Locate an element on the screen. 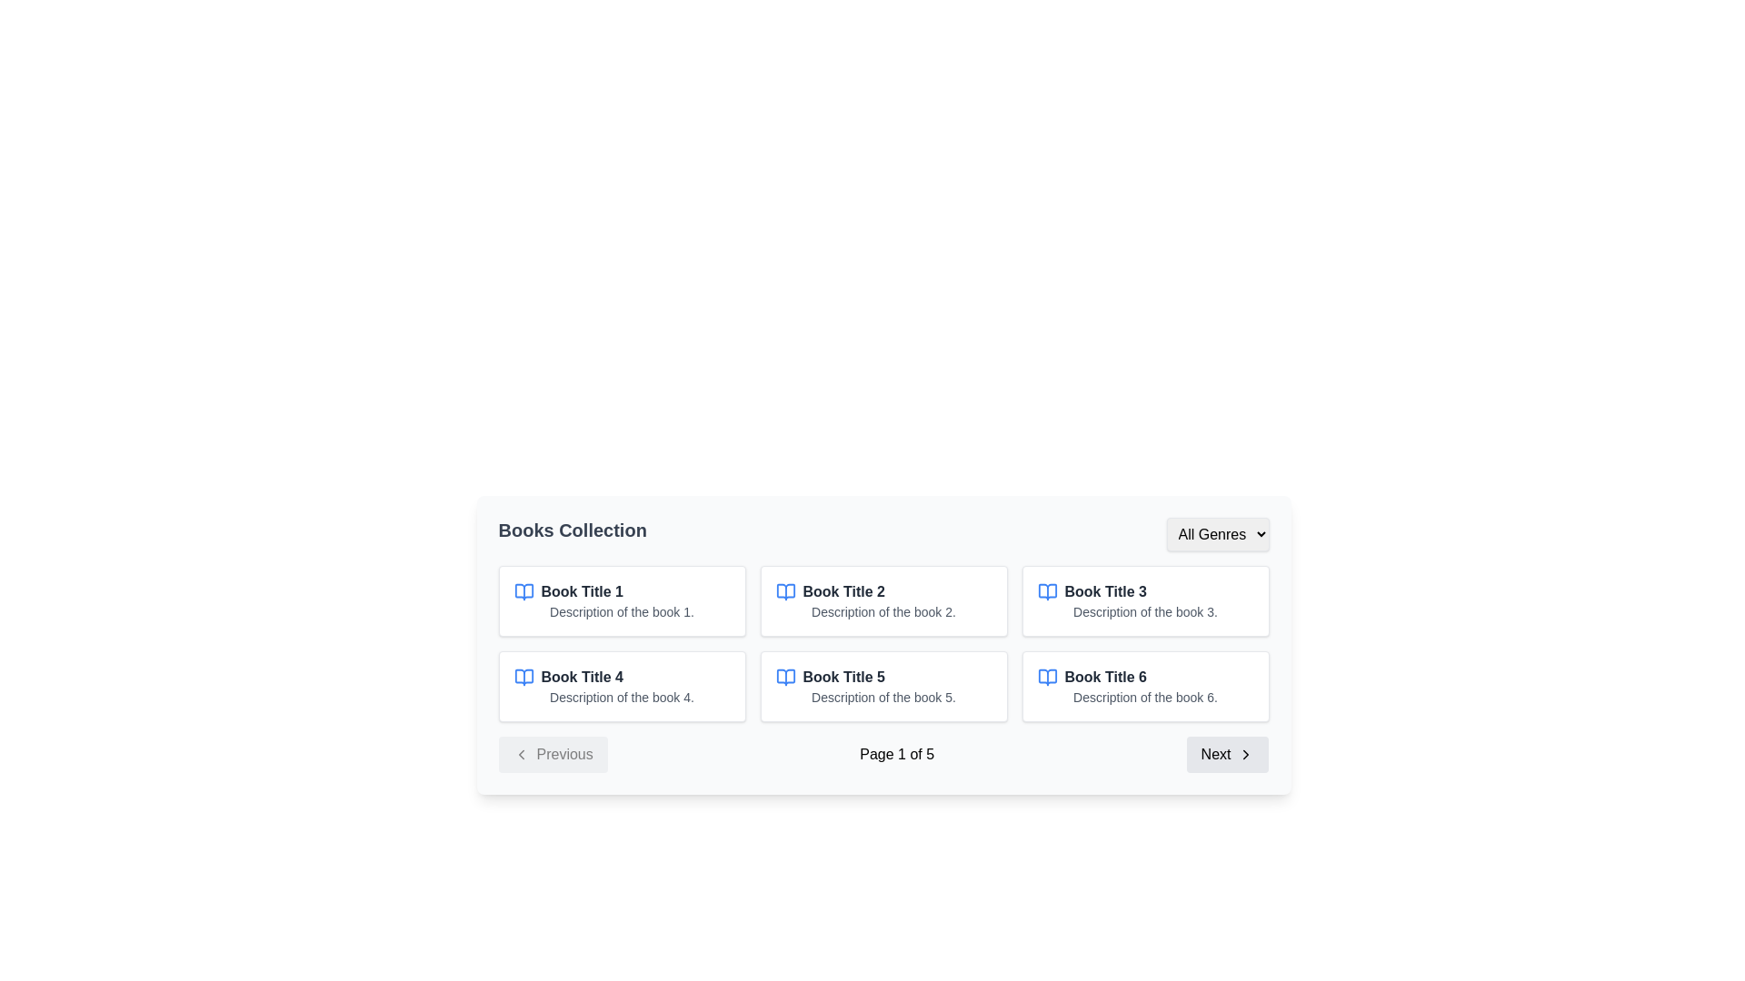 Image resolution: width=1745 pixels, height=981 pixels. text 'Book Title 5' which is styled in bold gray font and is part of a card-like structure representing a book entry is located at coordinates (843, 677).